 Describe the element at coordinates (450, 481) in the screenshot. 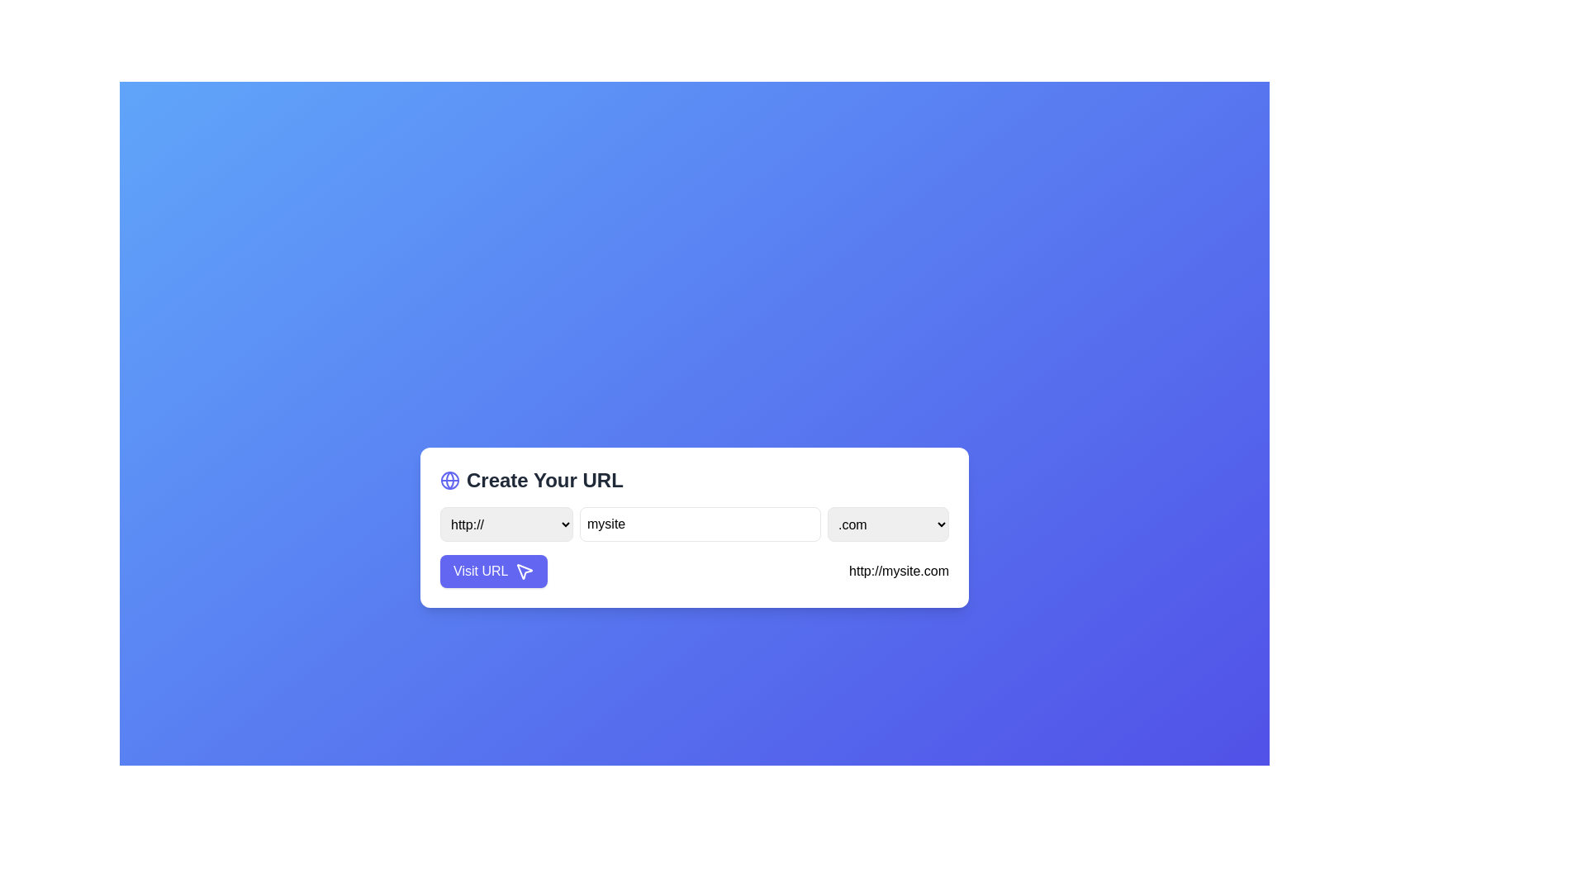

I see `the globe icon located in the heading section, positioned left of the 'Create Your URL' text` at that location.